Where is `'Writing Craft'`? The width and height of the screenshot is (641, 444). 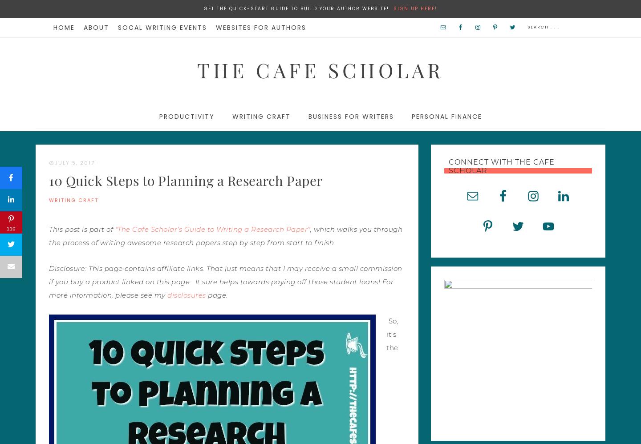 'Writing Craft' is located at coordinates (261, 116).